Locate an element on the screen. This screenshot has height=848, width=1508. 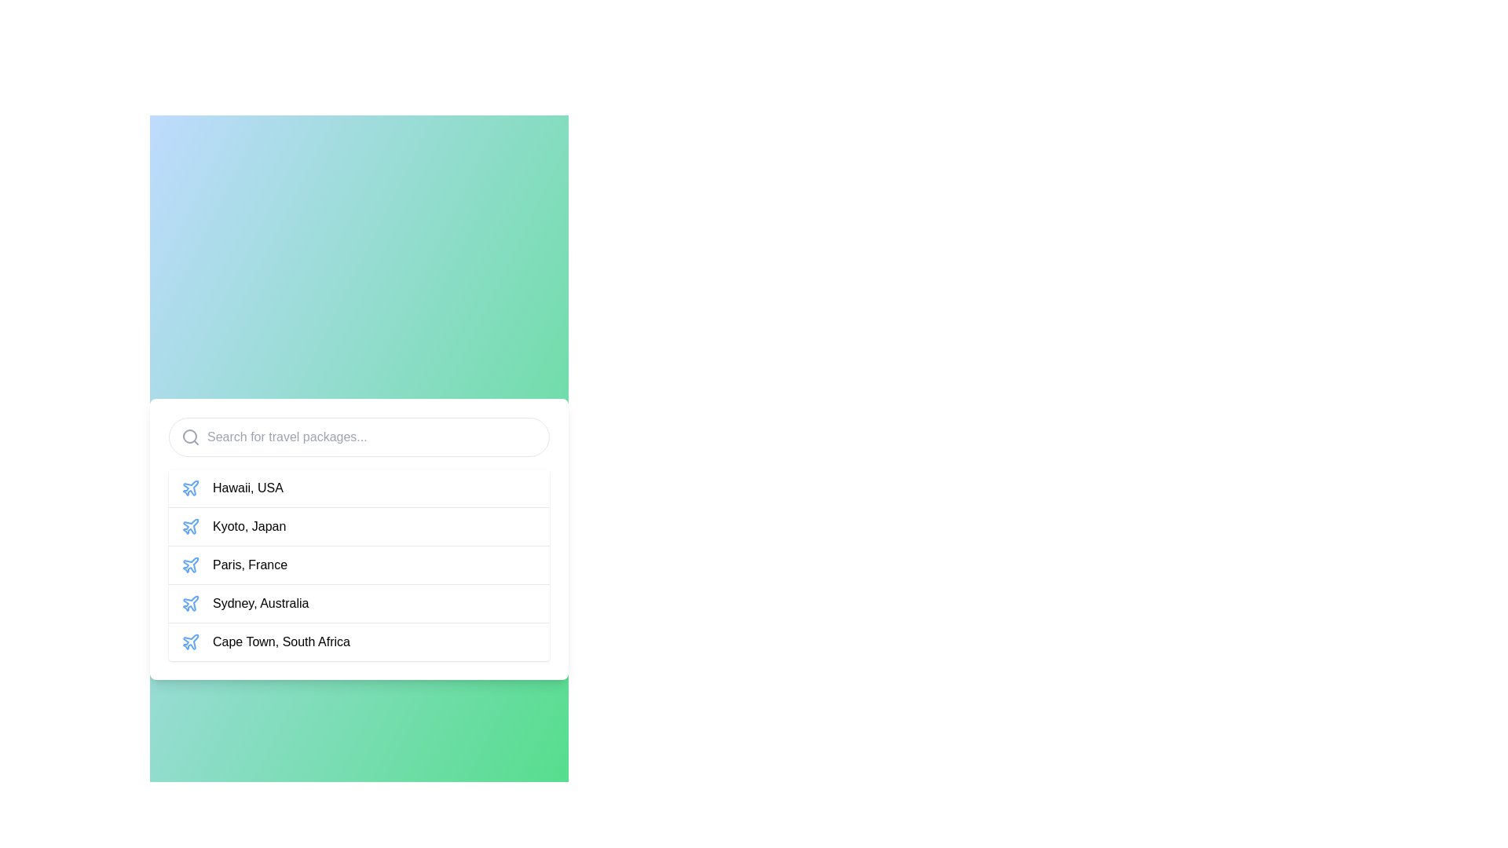
the blue airplane icon located to the left of the 'Kyoto, Japan' label in the travel destinations list, which is the second item beneath the search bar is located at coordinates (190, 487).